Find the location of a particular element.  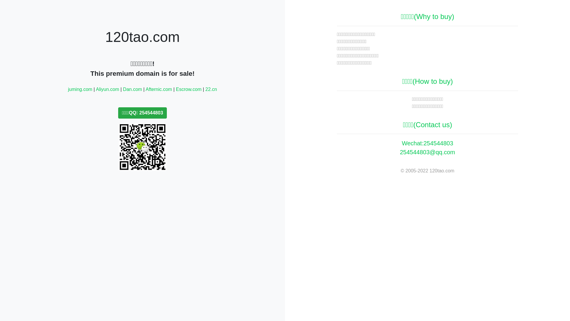

'Escrow.com' is located at coordinates (188, 89).